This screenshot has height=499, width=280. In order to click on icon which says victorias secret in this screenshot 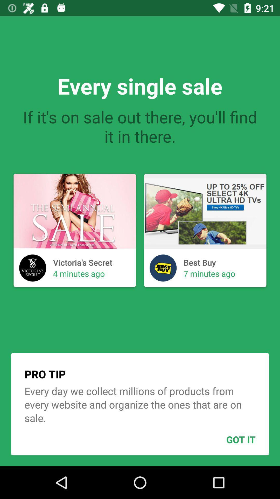, I will do `click(33, 268)`.